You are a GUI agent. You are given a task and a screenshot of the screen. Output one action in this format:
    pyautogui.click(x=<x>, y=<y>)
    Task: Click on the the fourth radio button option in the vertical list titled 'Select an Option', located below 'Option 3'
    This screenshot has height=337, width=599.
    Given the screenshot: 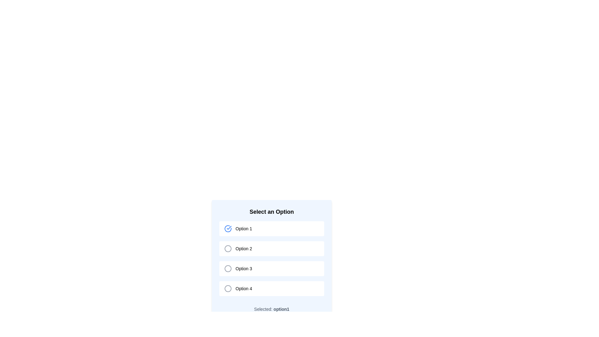 What is the action you would take?
    pyautogui.click(x=271, y=289)
    